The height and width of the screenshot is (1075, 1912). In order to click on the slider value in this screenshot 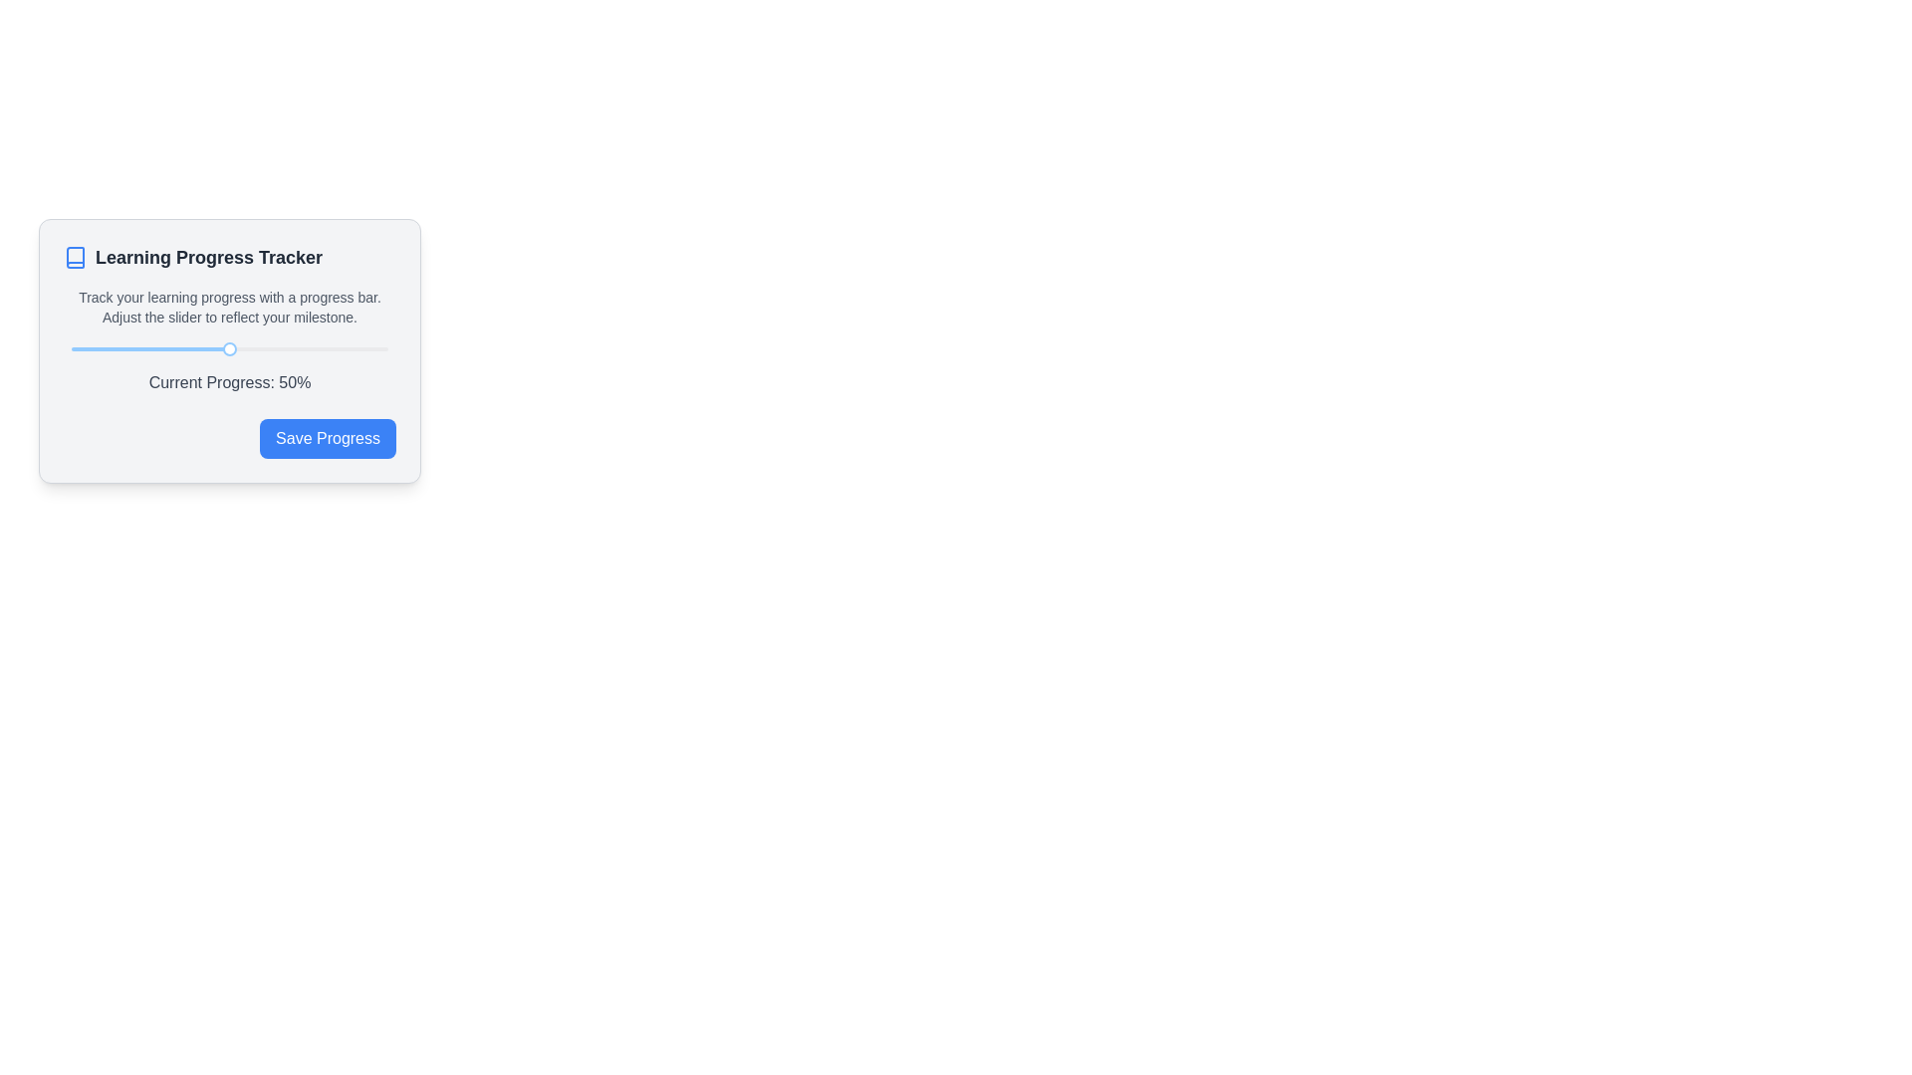, I will do `click(102, 348)`.